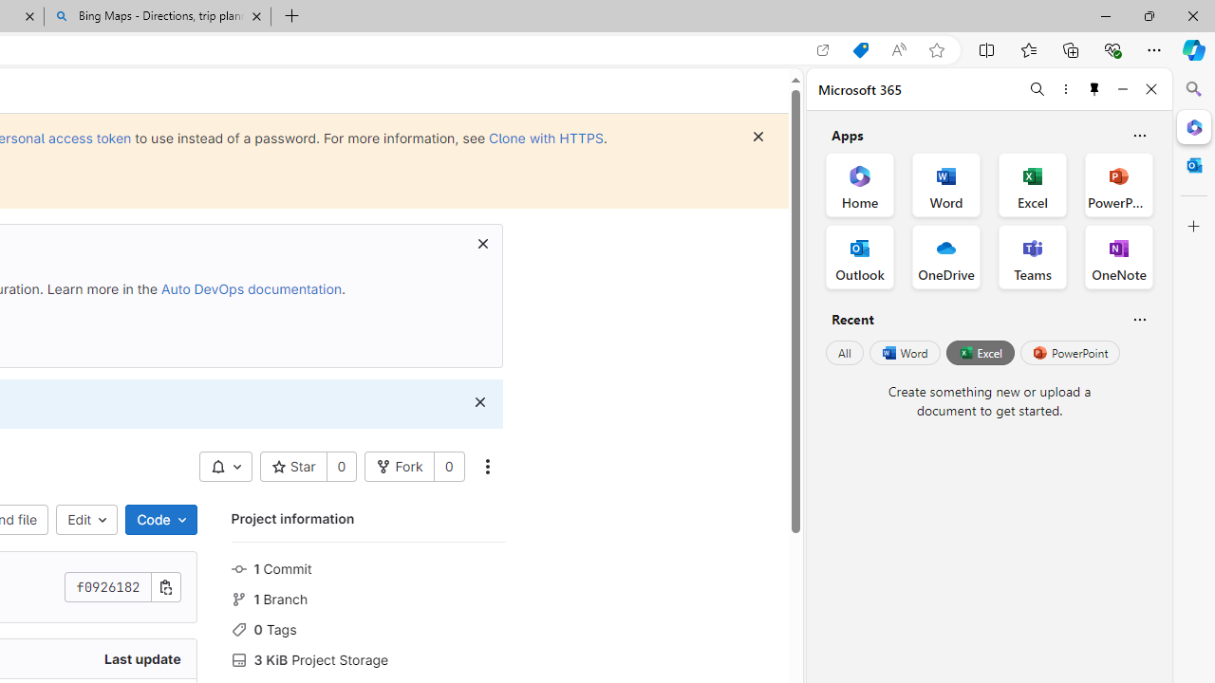 This screenshot has width=1215, height=683. Describe the element at coordinates (487, 467) in the screenshot. I see `'More actions'` at that location.